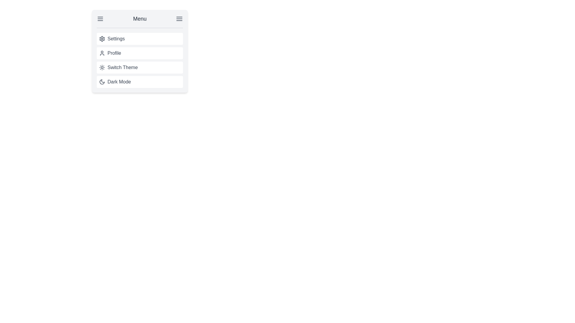 The image size is (575, 323). What do you see at coordinates (139, 39) in the screenshot?
I see `the first menu item in the vertically stacked menu list that leads to settings-related functionalities` at bounding box center [139, 39].